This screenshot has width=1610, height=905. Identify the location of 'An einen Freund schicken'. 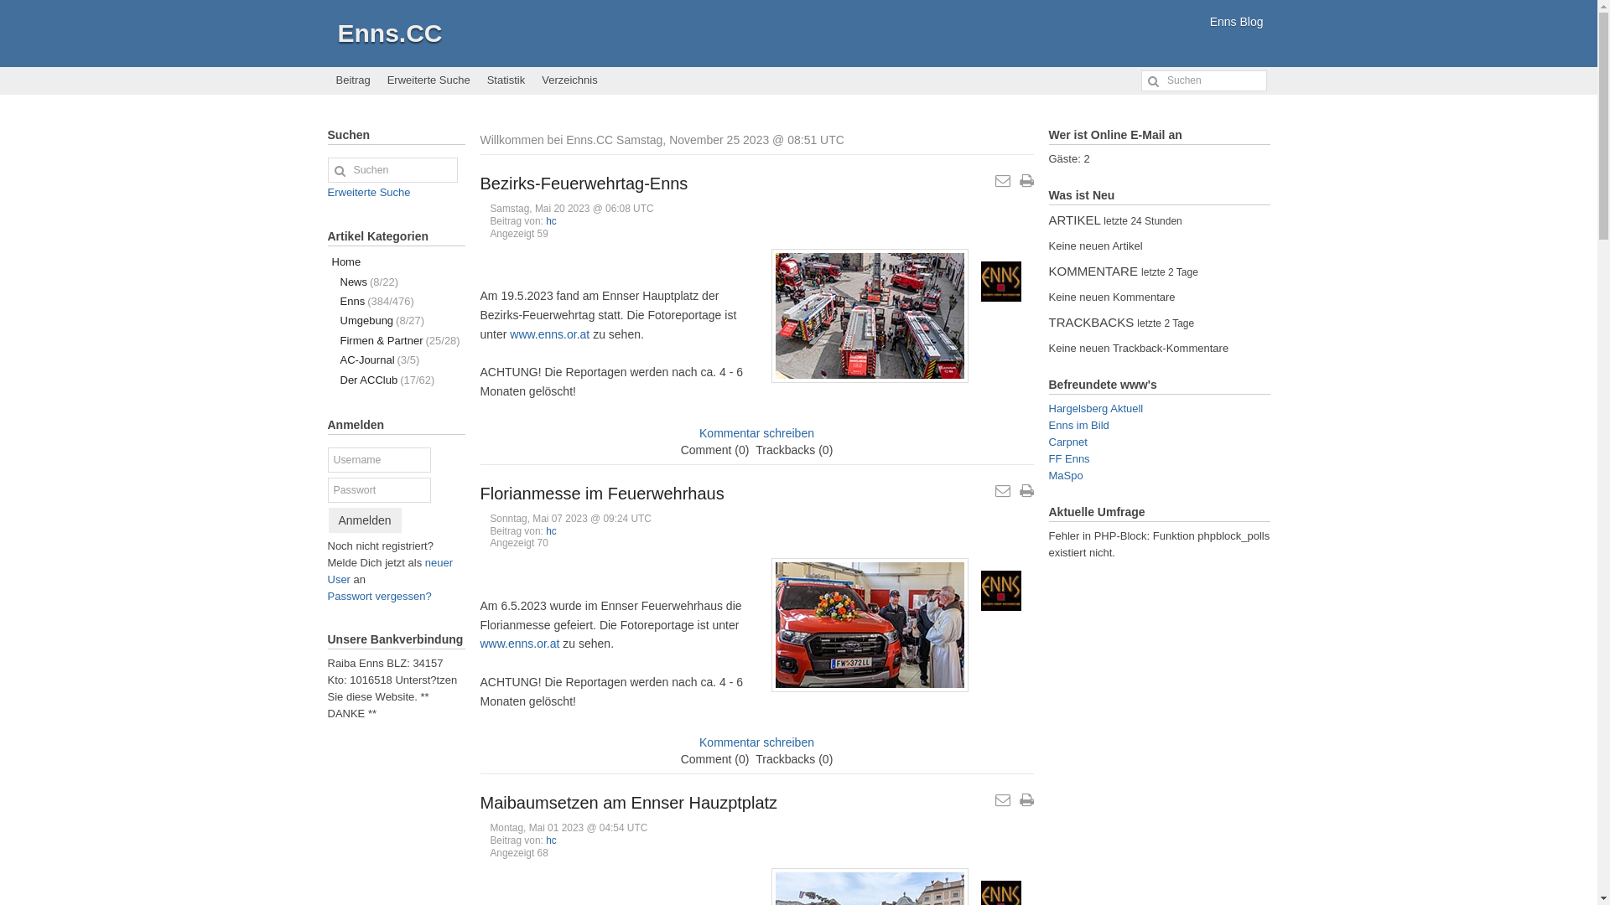
(1002, 181).